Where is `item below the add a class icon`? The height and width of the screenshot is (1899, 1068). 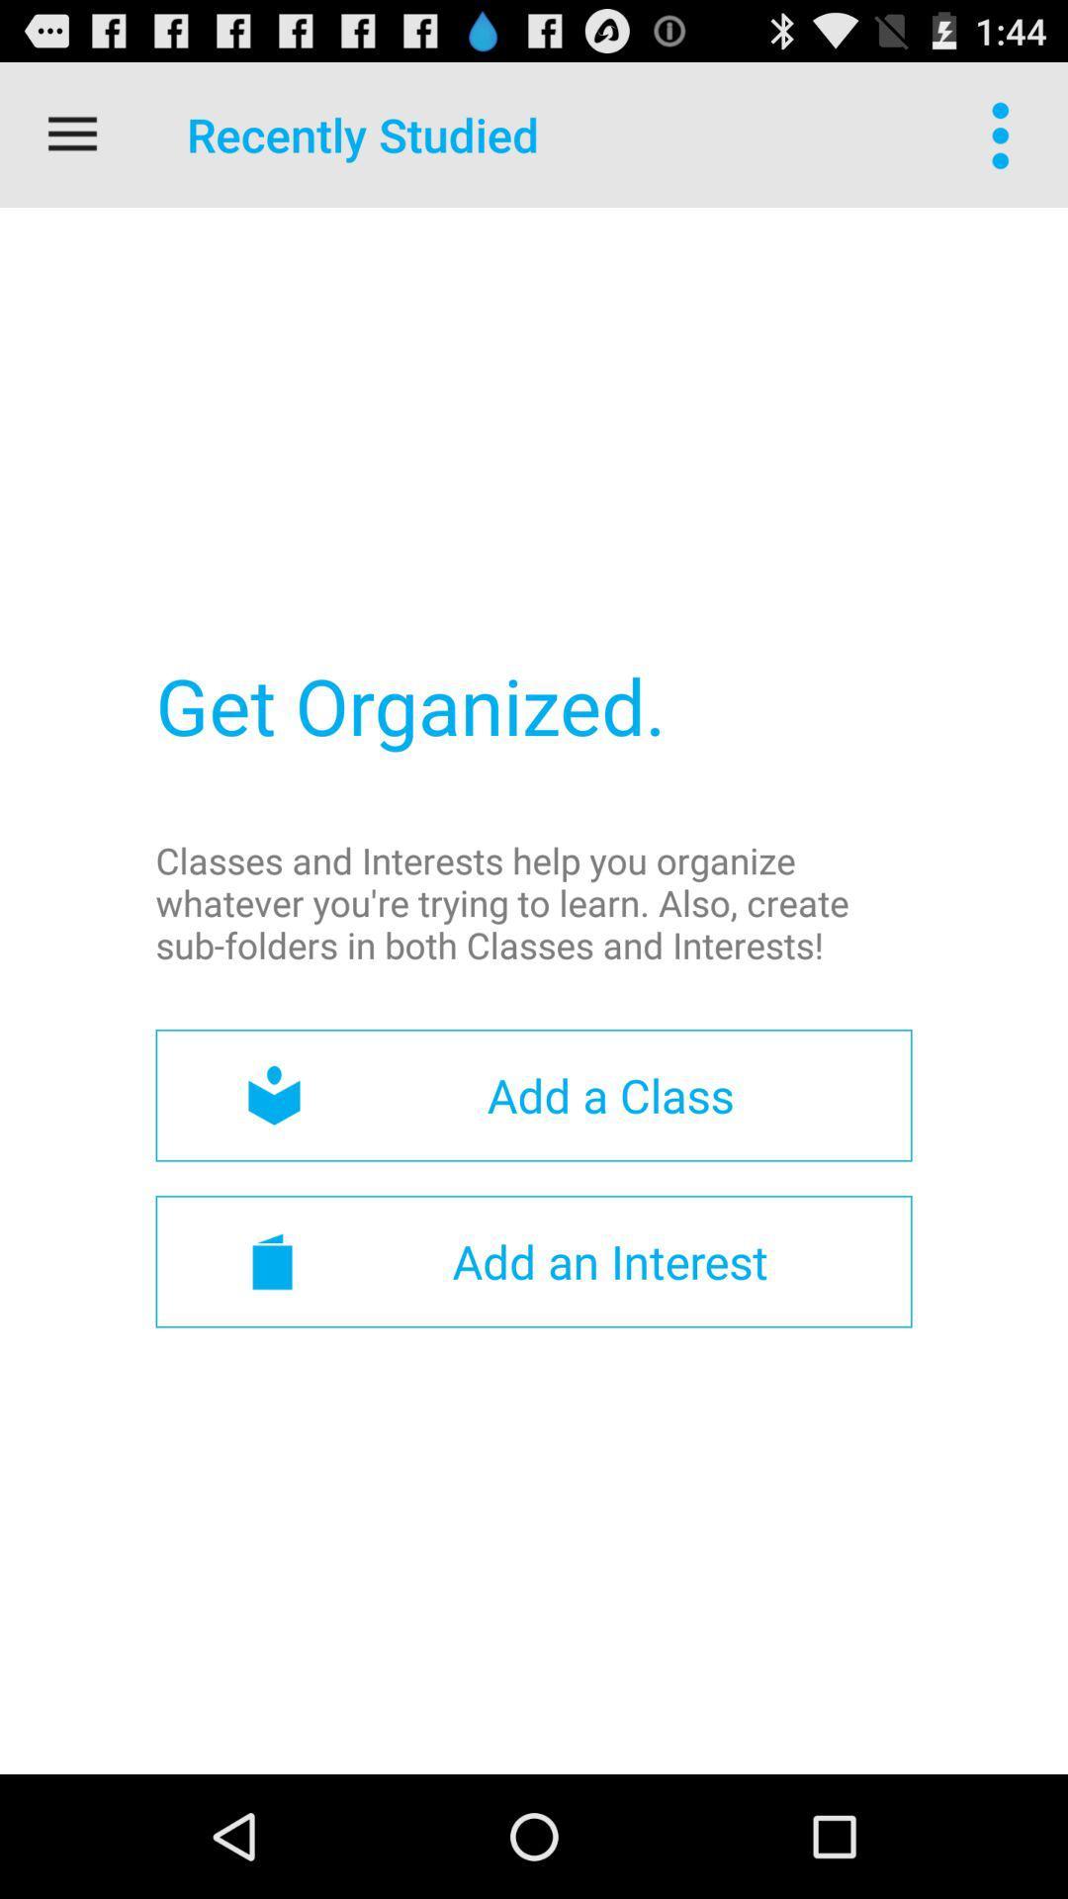 item below the add a class icon is located at coordinates (534, 1260).